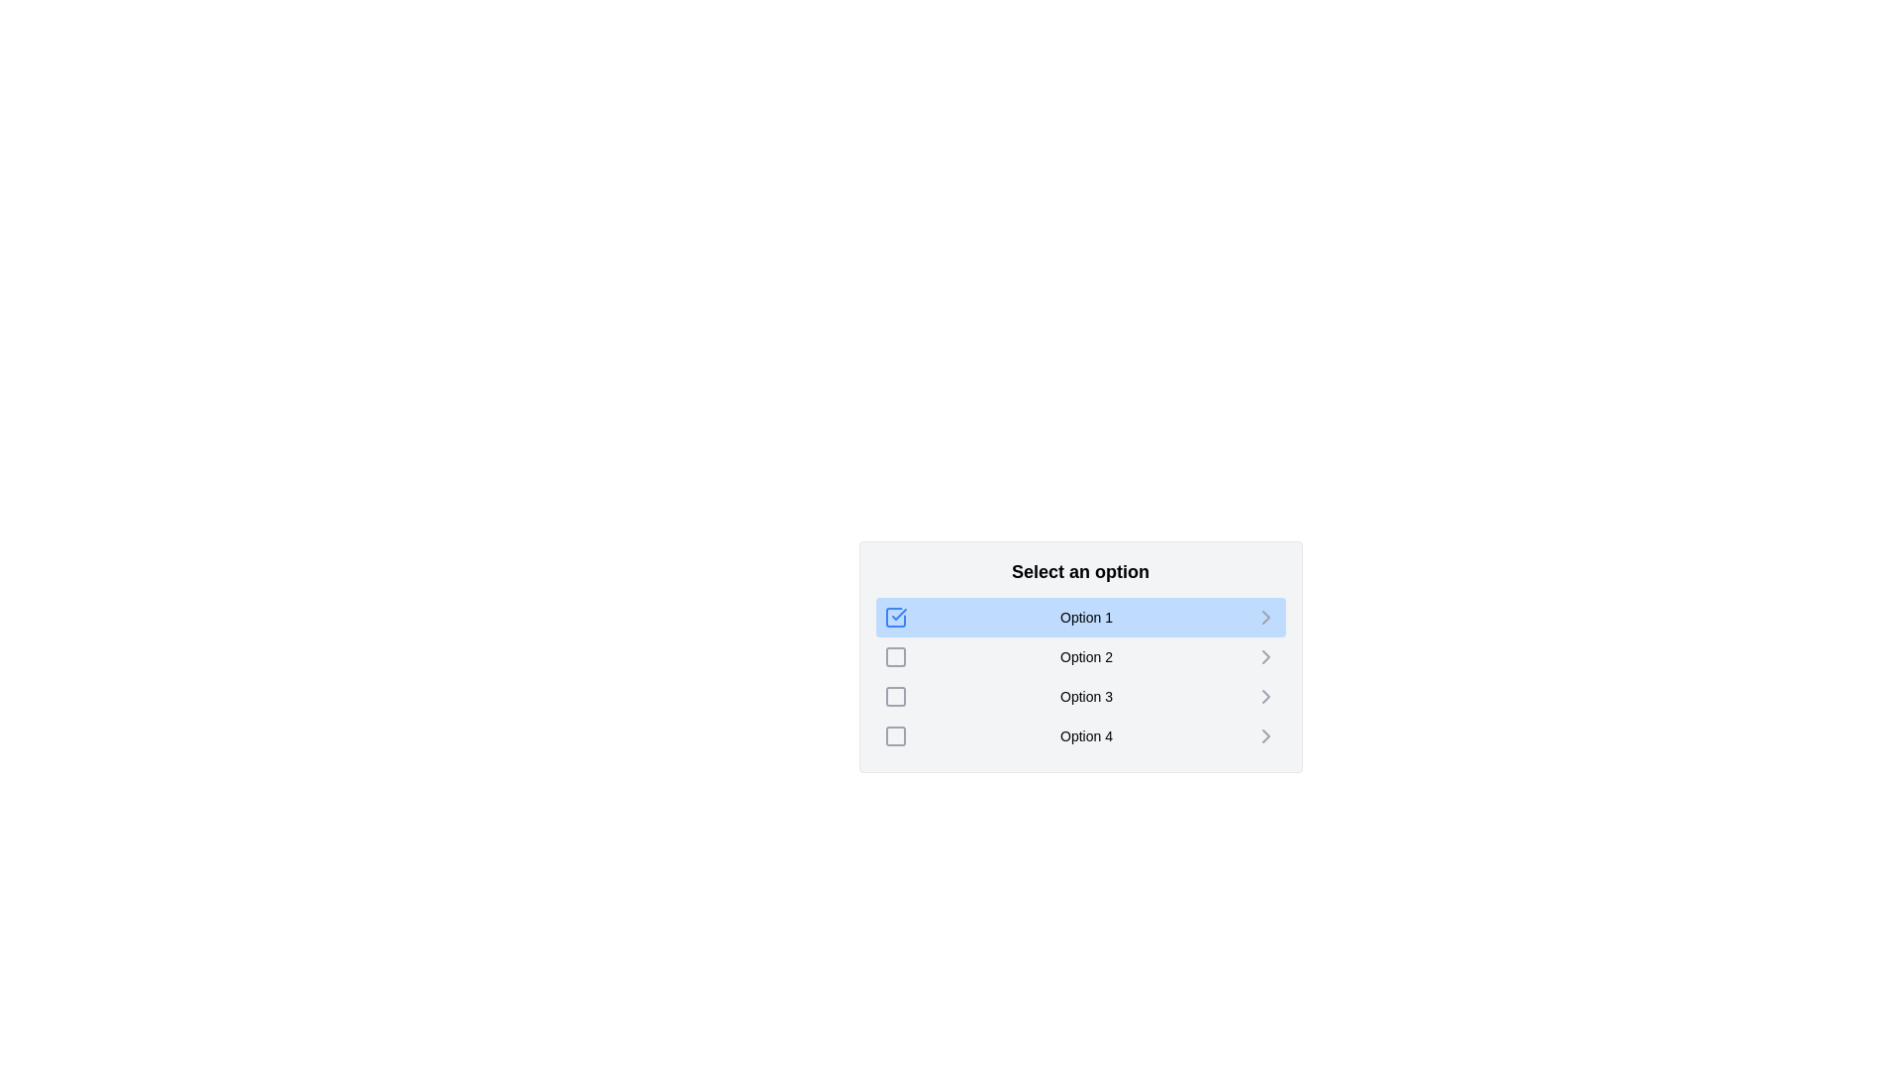  What do you see at coordinates (1085, 617) in the screenshot?
I see `text from the text label that displays 'Option 1', which is highlighted on a light blue background in a vertical list of options` at bounding box center [1085, 617].